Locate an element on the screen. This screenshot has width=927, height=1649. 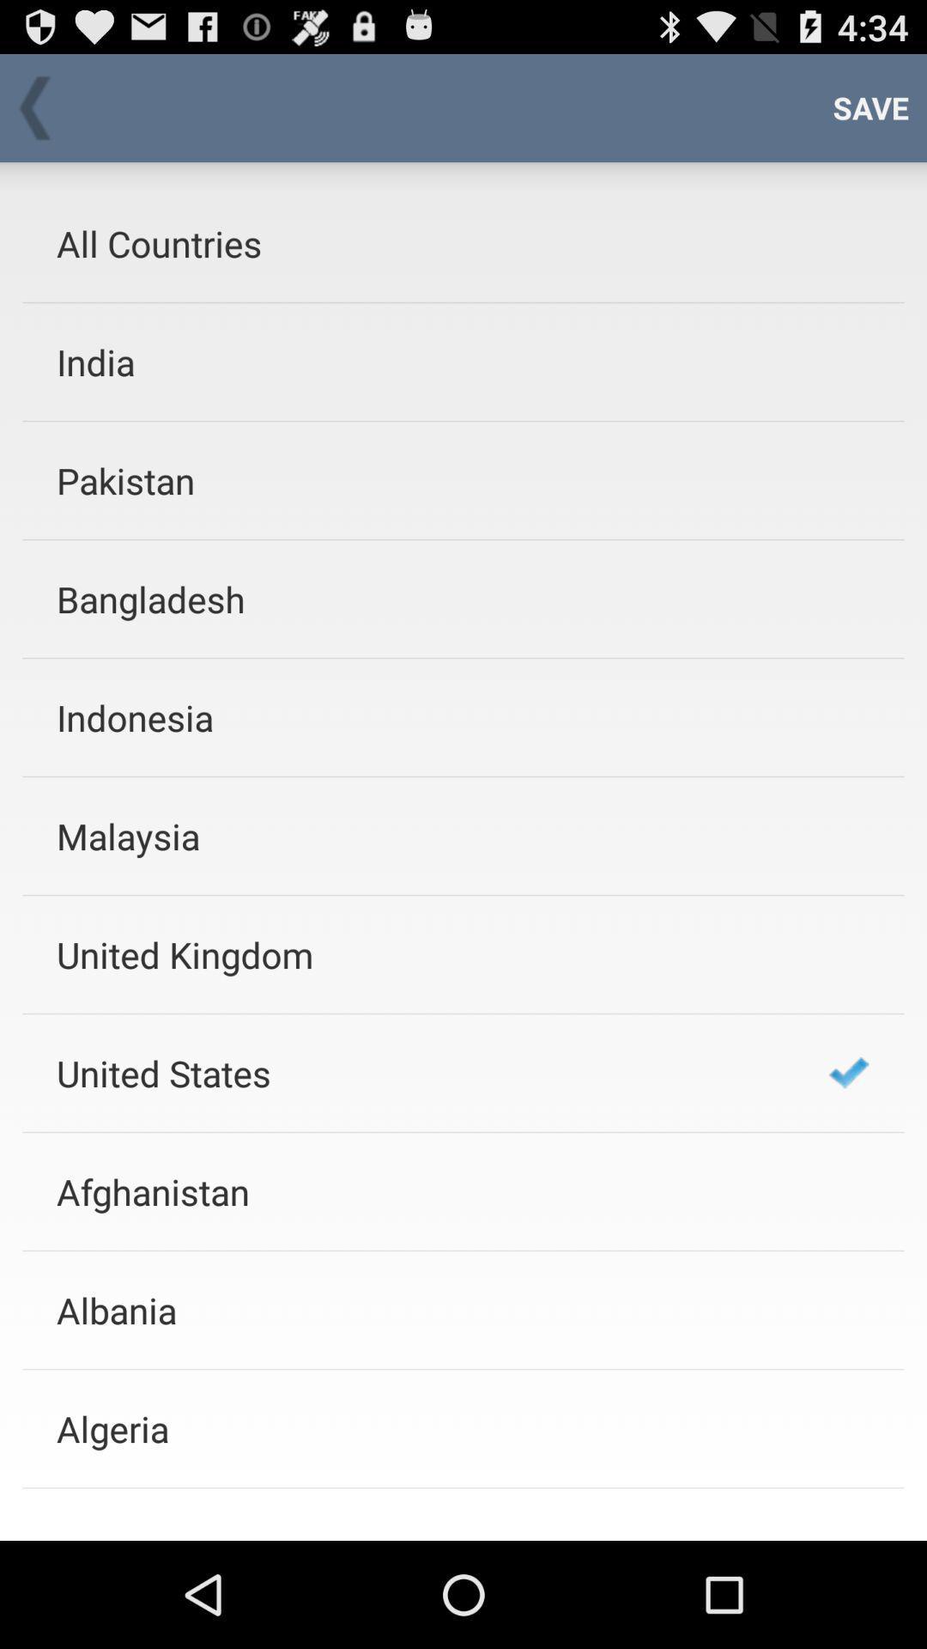
save icon is located at coordinates (870, 106).